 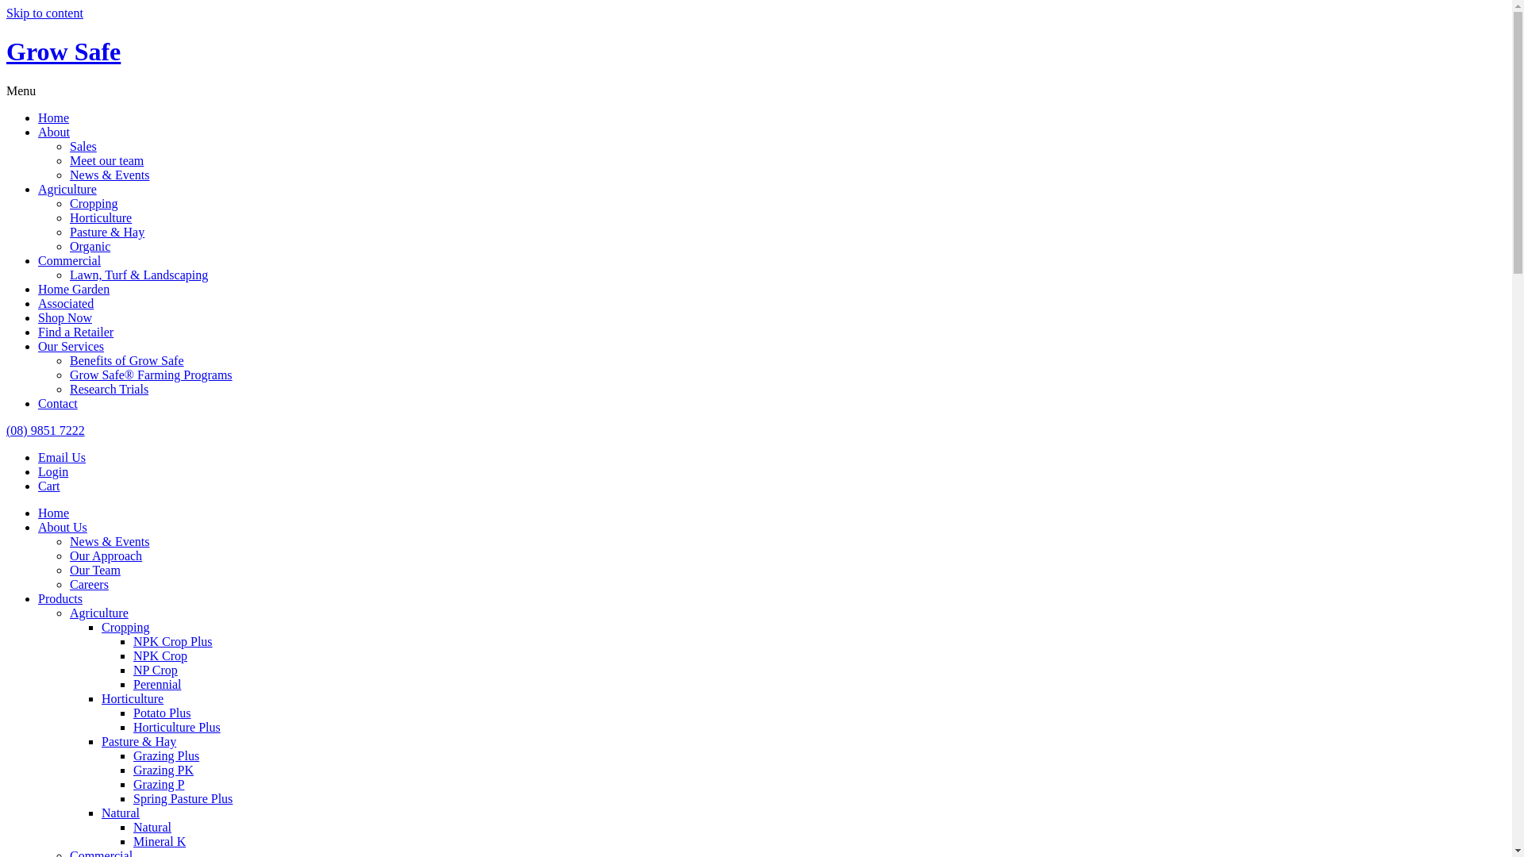 I want to click on 'Lawn, Turf & Landscaping', so click(x=138, y=274).